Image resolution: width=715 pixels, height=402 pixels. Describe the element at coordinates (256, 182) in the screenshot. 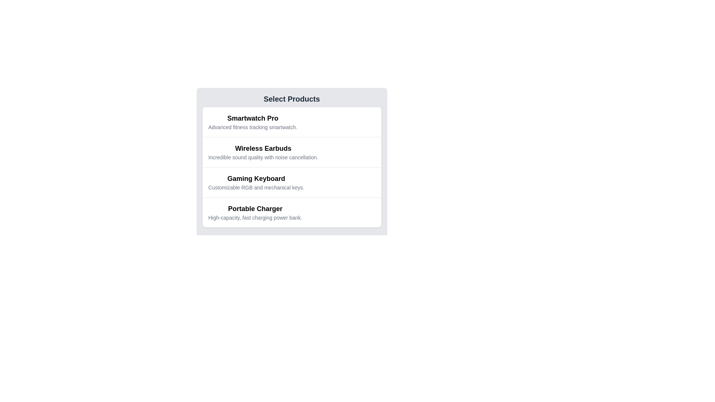

I see `the text block titled 'Gaming Keyboard' which describes 'Customizable RGB and mechanical keys.'` at that location.